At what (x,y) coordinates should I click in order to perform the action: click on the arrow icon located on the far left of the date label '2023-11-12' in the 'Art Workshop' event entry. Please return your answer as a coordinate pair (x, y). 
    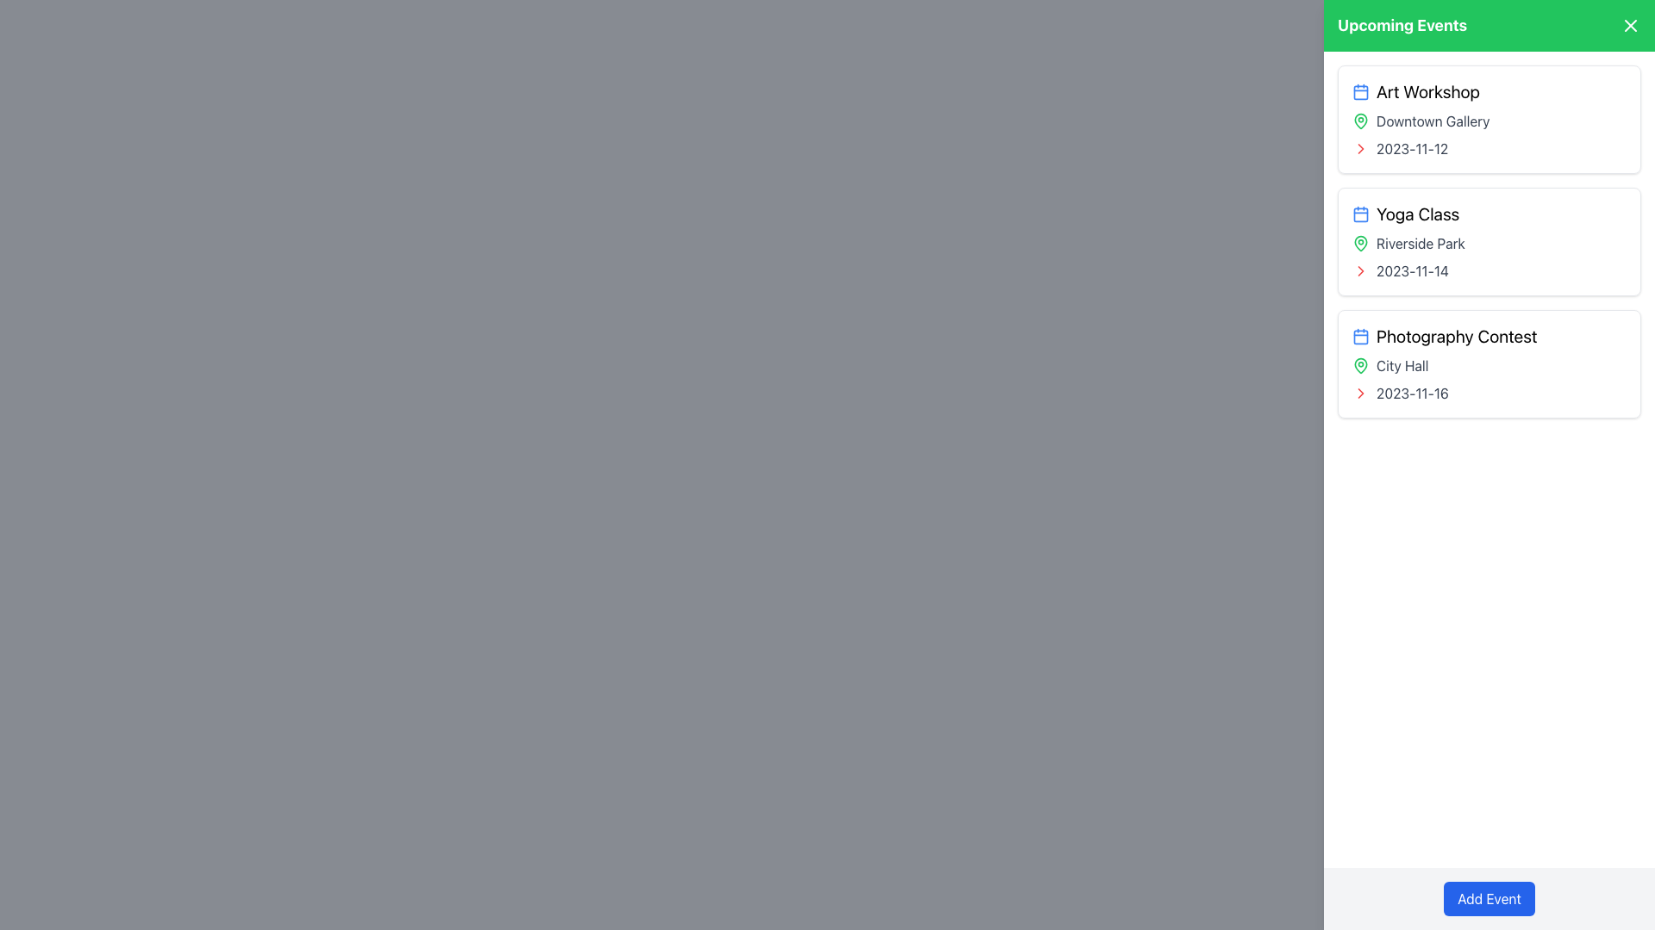
    Looking at the image, I should click on (1360, 148).